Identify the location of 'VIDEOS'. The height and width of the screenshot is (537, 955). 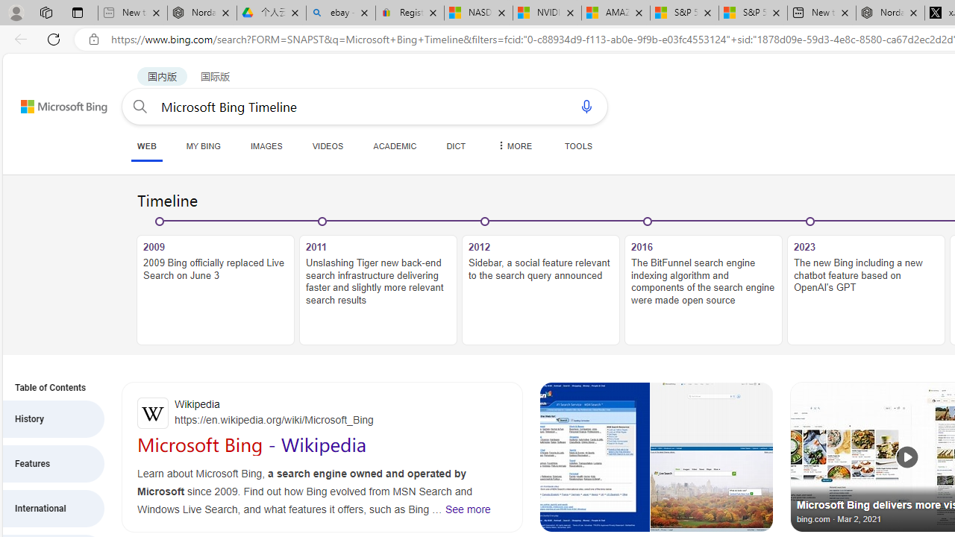
(327, 145).